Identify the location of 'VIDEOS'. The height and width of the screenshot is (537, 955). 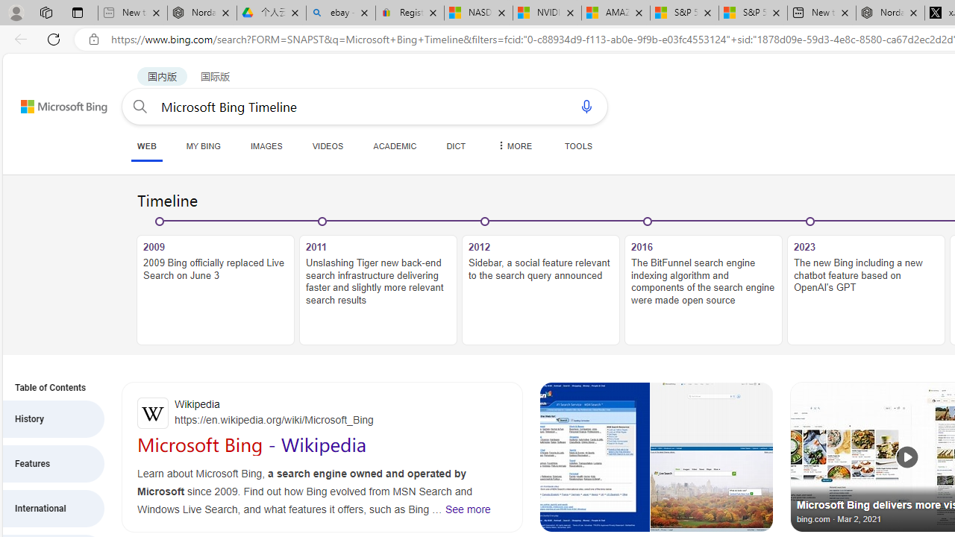
(327, 145).